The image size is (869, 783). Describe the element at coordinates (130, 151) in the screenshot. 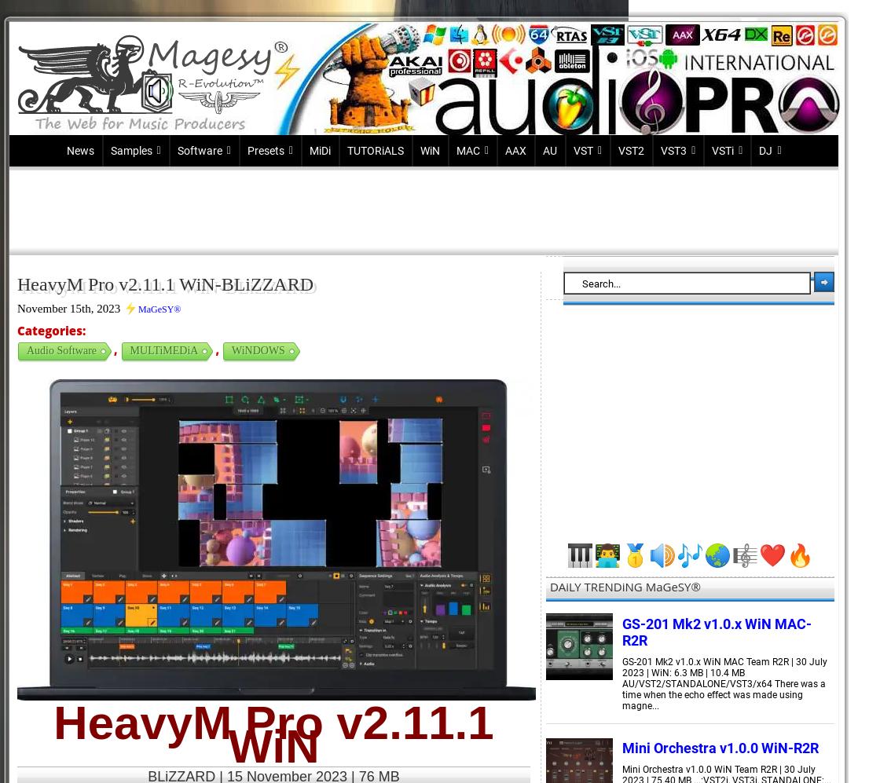

I see `'Samples'` at that location.